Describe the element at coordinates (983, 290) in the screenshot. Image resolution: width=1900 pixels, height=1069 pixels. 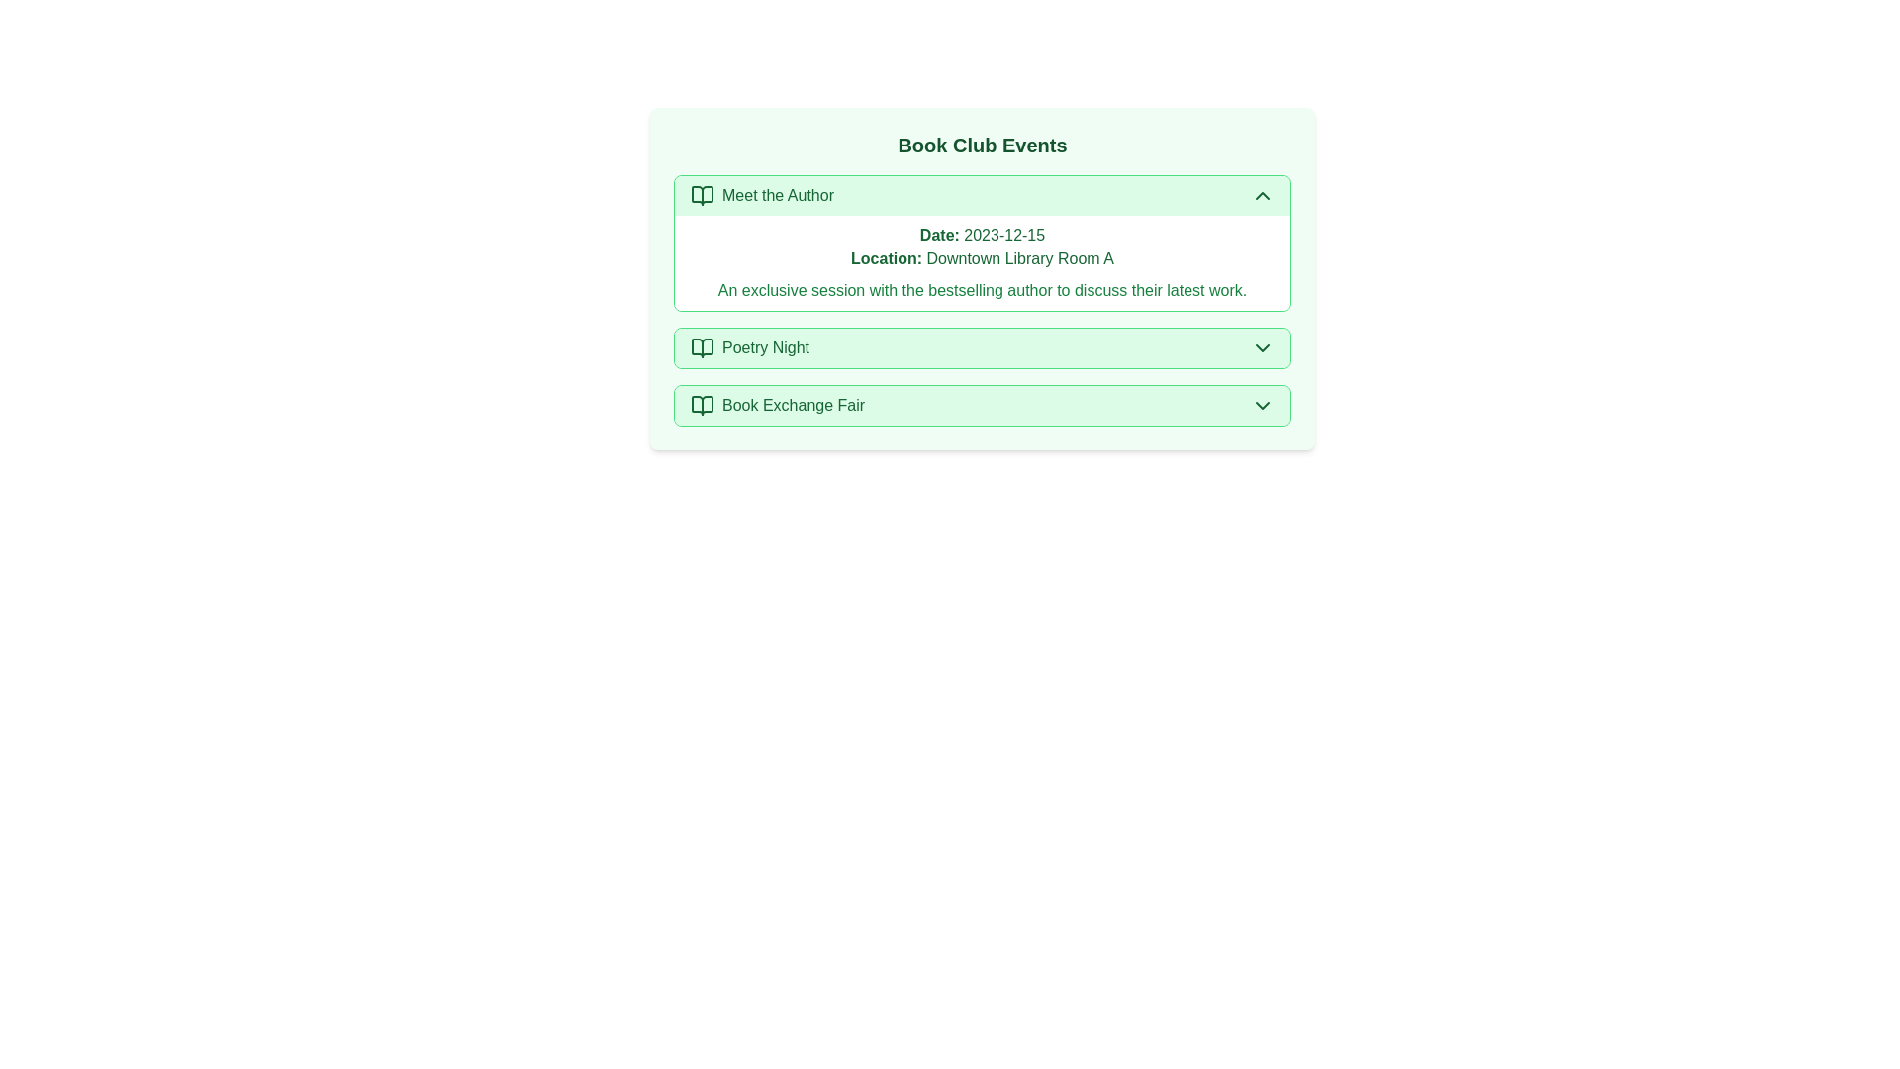
I see `the text segment reading 'An exclusive session with the bestselling author to discuss their latest work.', styled in green, which serves as a descriptive footer under the event details` at that location.